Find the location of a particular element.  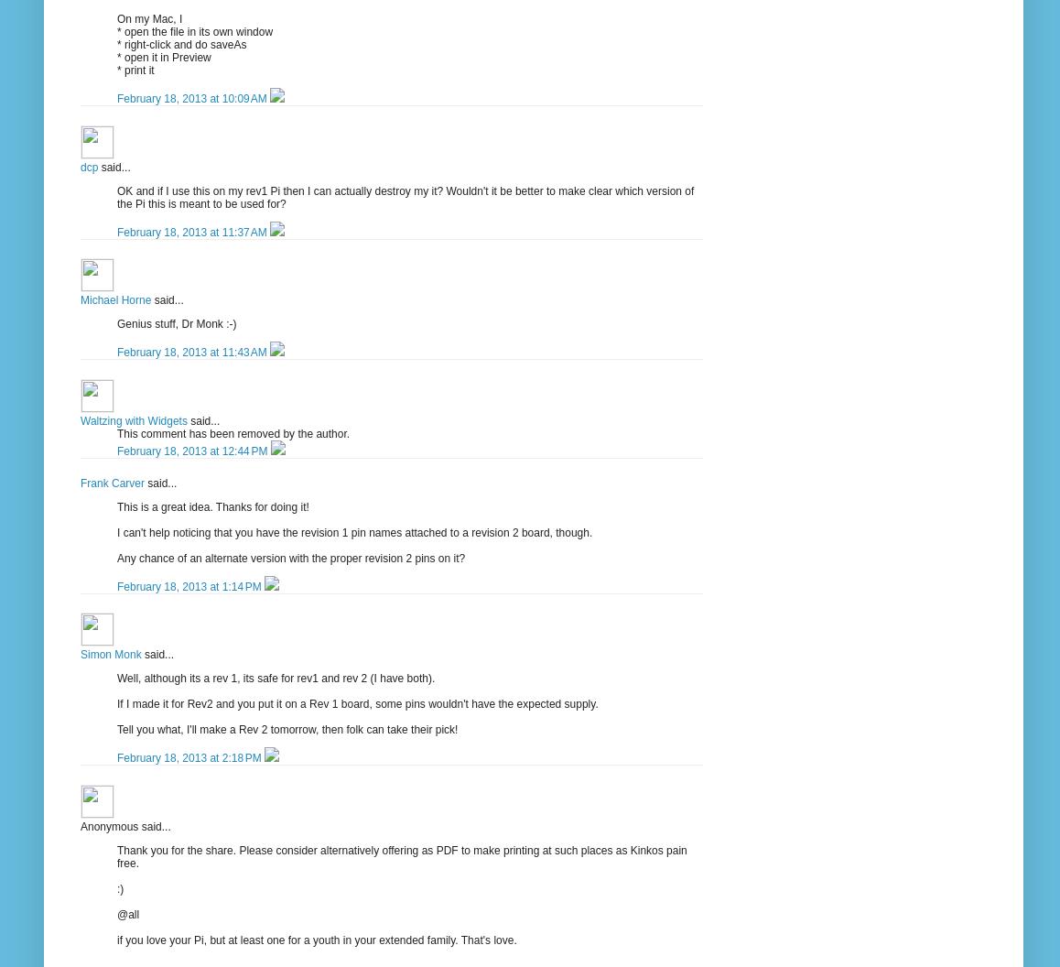

'On my Mac, I' is located at coordinates (115, 19).